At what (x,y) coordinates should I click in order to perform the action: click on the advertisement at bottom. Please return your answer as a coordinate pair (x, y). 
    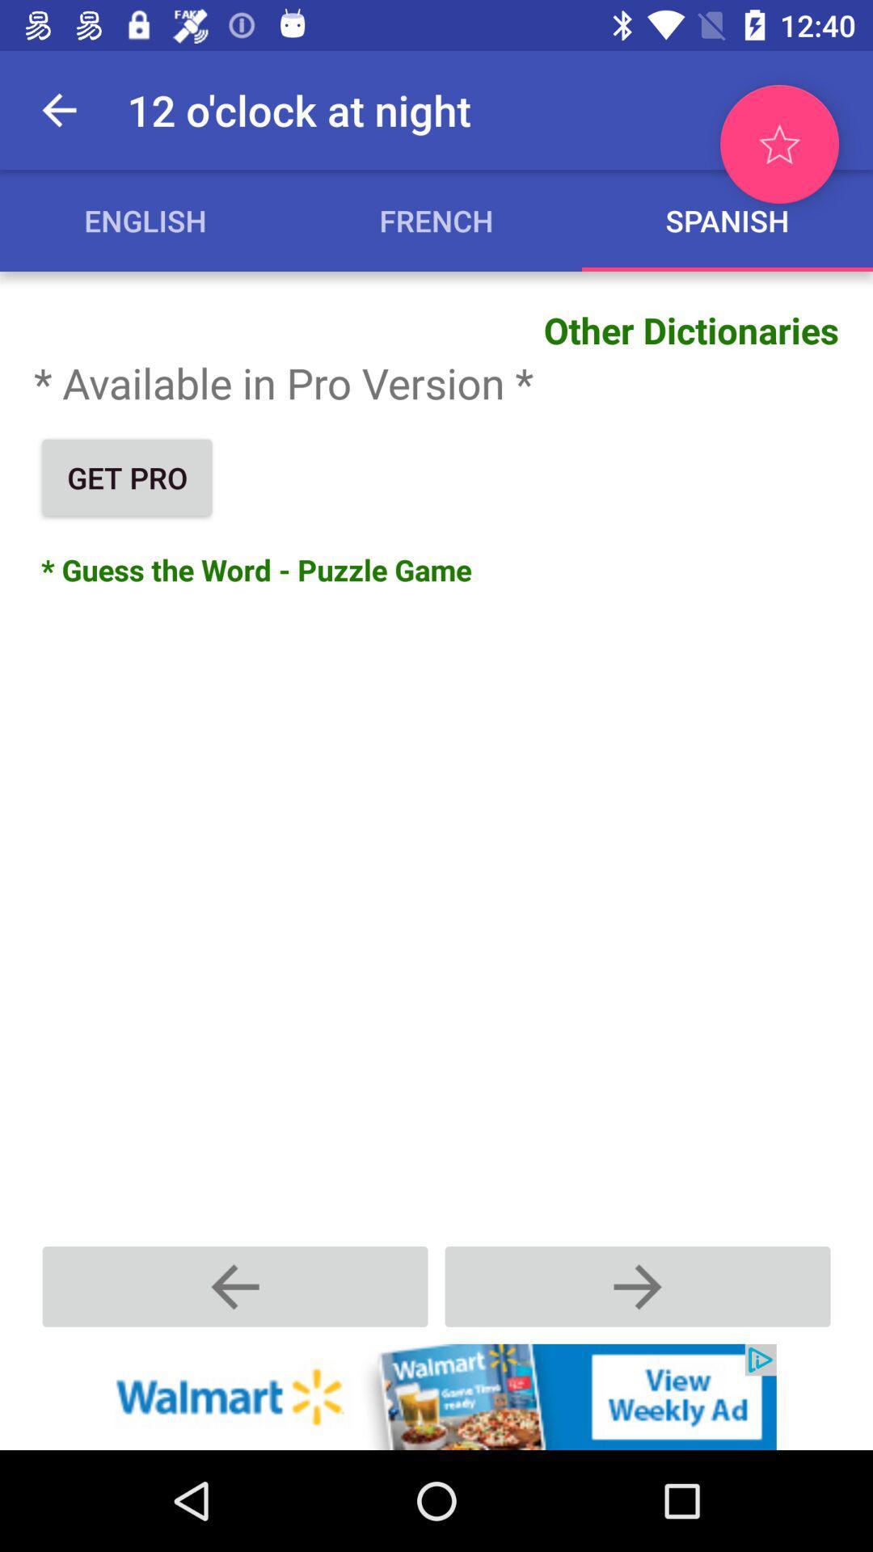
    Looking at the image, I should click on (436, 1396).